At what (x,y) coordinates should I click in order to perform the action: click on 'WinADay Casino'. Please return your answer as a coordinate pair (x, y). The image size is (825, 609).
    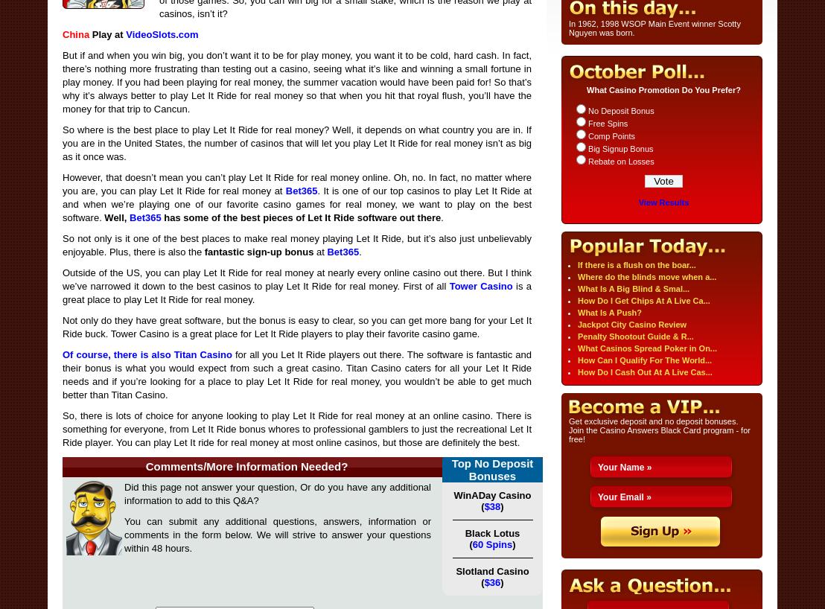
    Looking at the image, I should click on (492, 495).